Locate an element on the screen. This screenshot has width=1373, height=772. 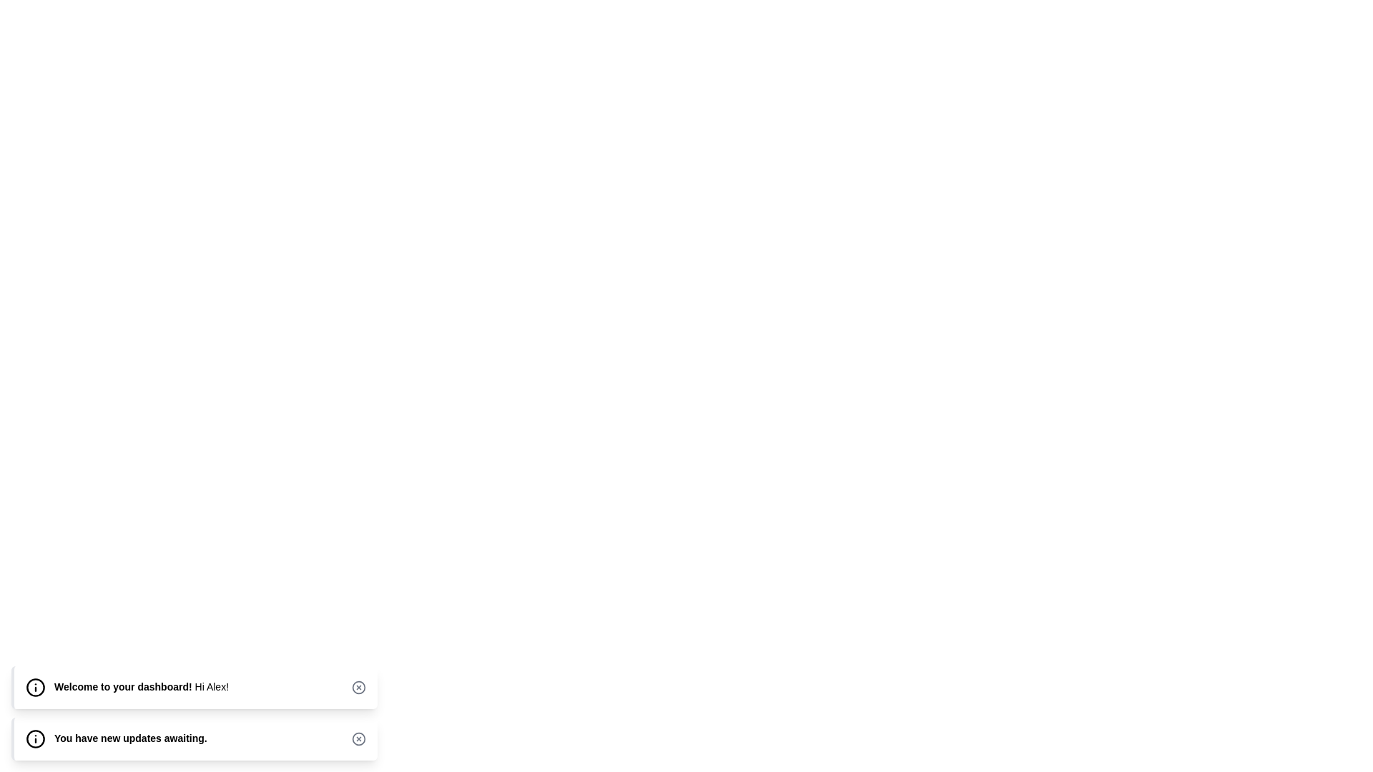
text label that informs the user about new updates, positioned in the lower-left quadrant of the interface, between the information icon and the close button is located at coordinates (130, 738).